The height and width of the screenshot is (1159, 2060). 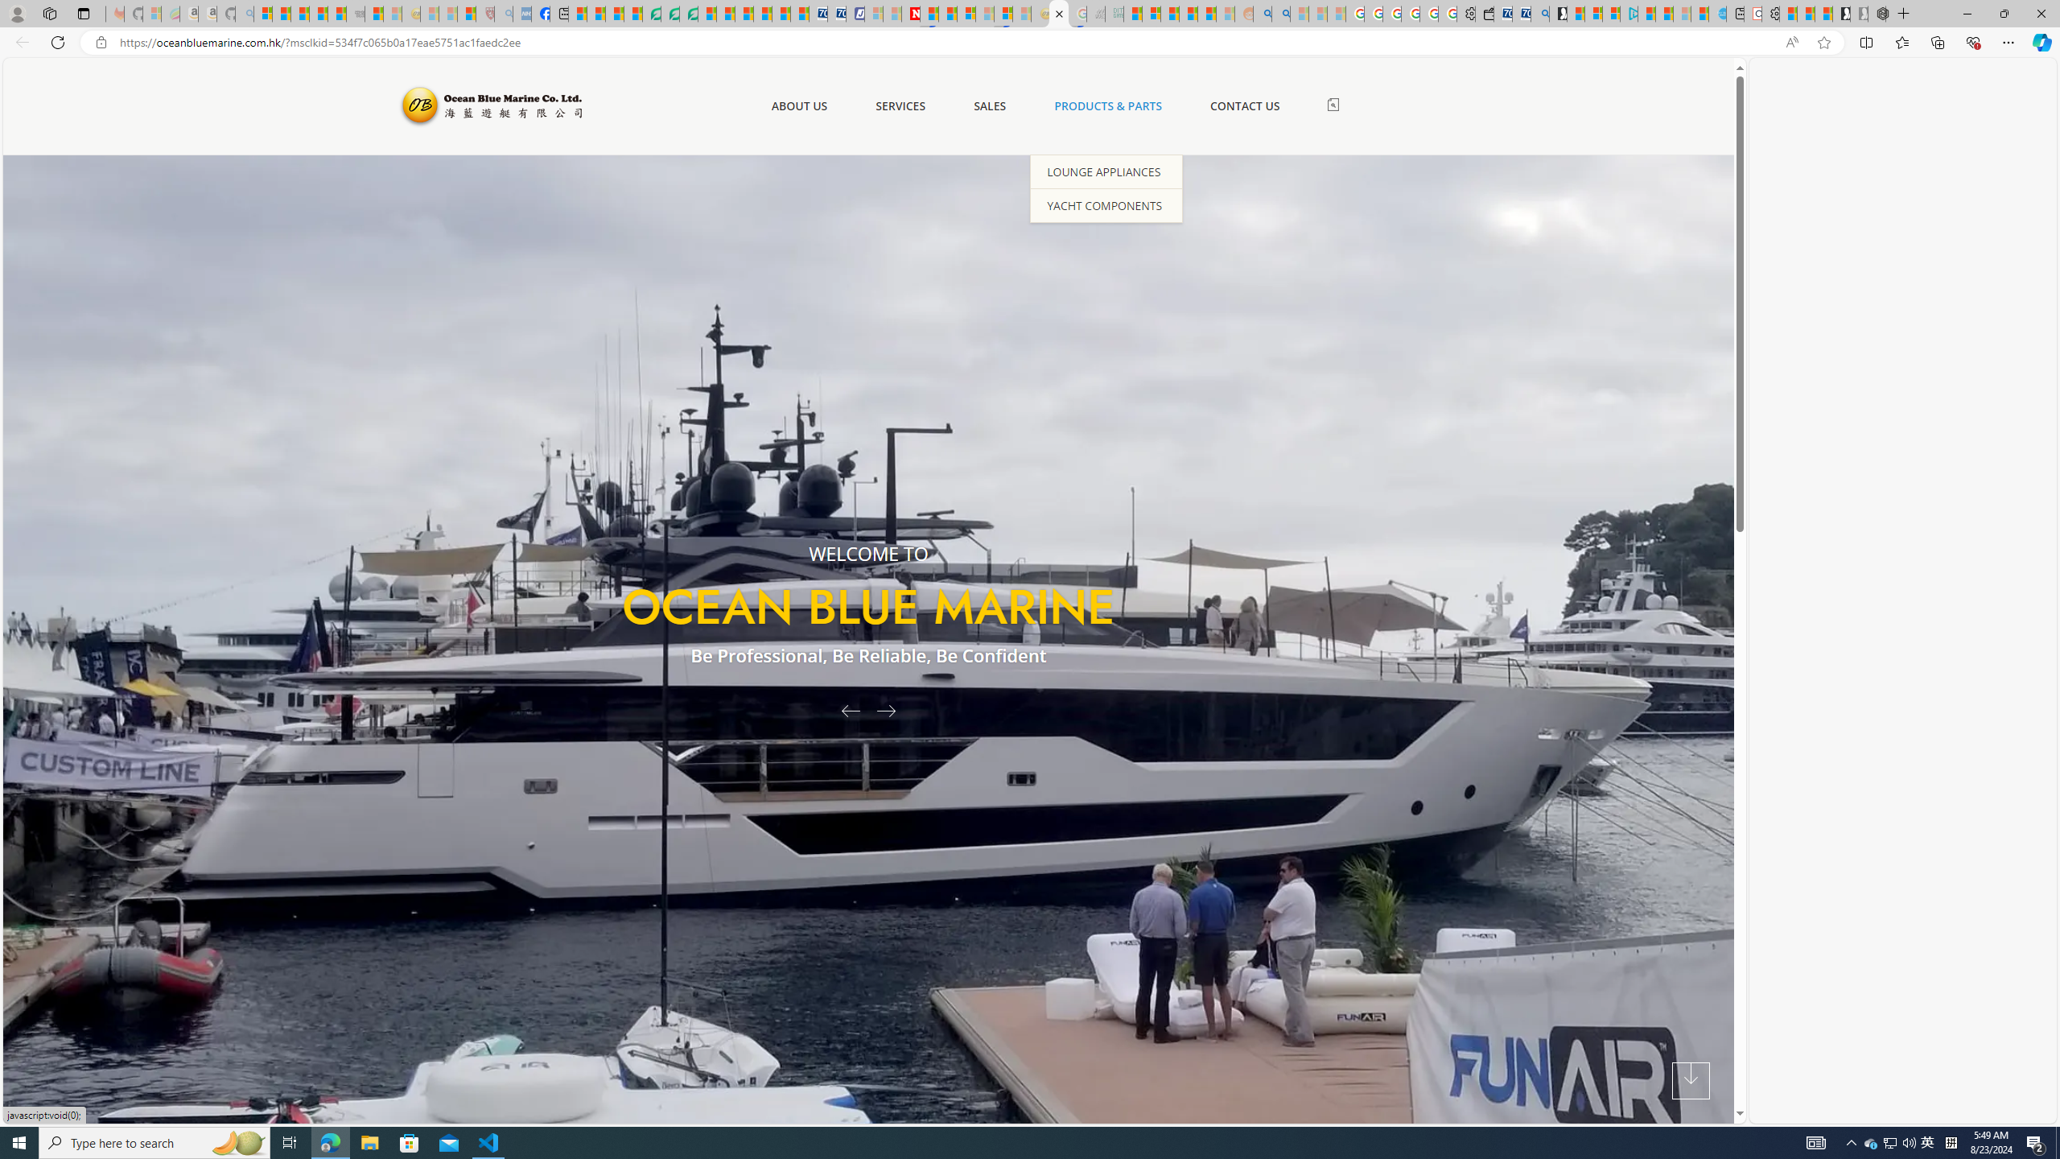 What do you see at coordinates (1132, 13) in the screenshot?
I see `'MSNBC - MSN'` at bounding box center [1132, 13].